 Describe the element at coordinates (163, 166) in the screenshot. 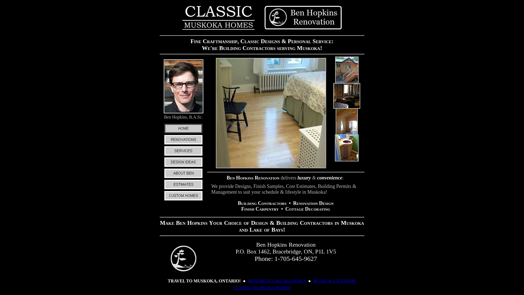

I see `'DESIGN IDEAS'` at that location.